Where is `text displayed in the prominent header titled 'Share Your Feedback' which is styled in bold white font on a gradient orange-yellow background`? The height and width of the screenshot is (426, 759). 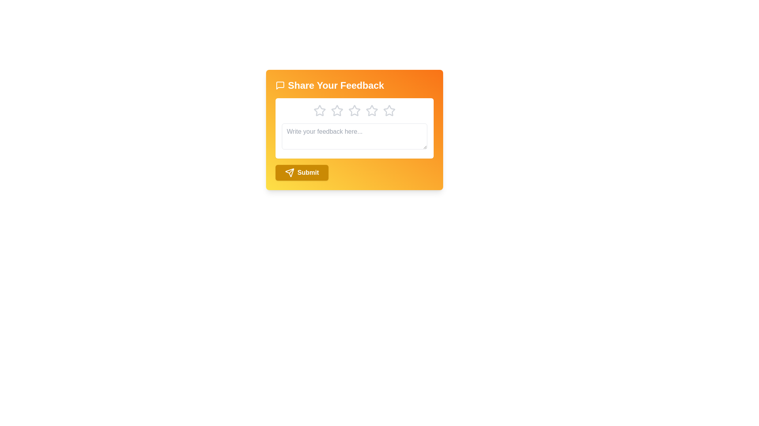 text displayed in the prominent header titled 'Share Your Feedback' which is styled in bold white font on a gradient orange-yellow background is located at coordinates (354, 85).